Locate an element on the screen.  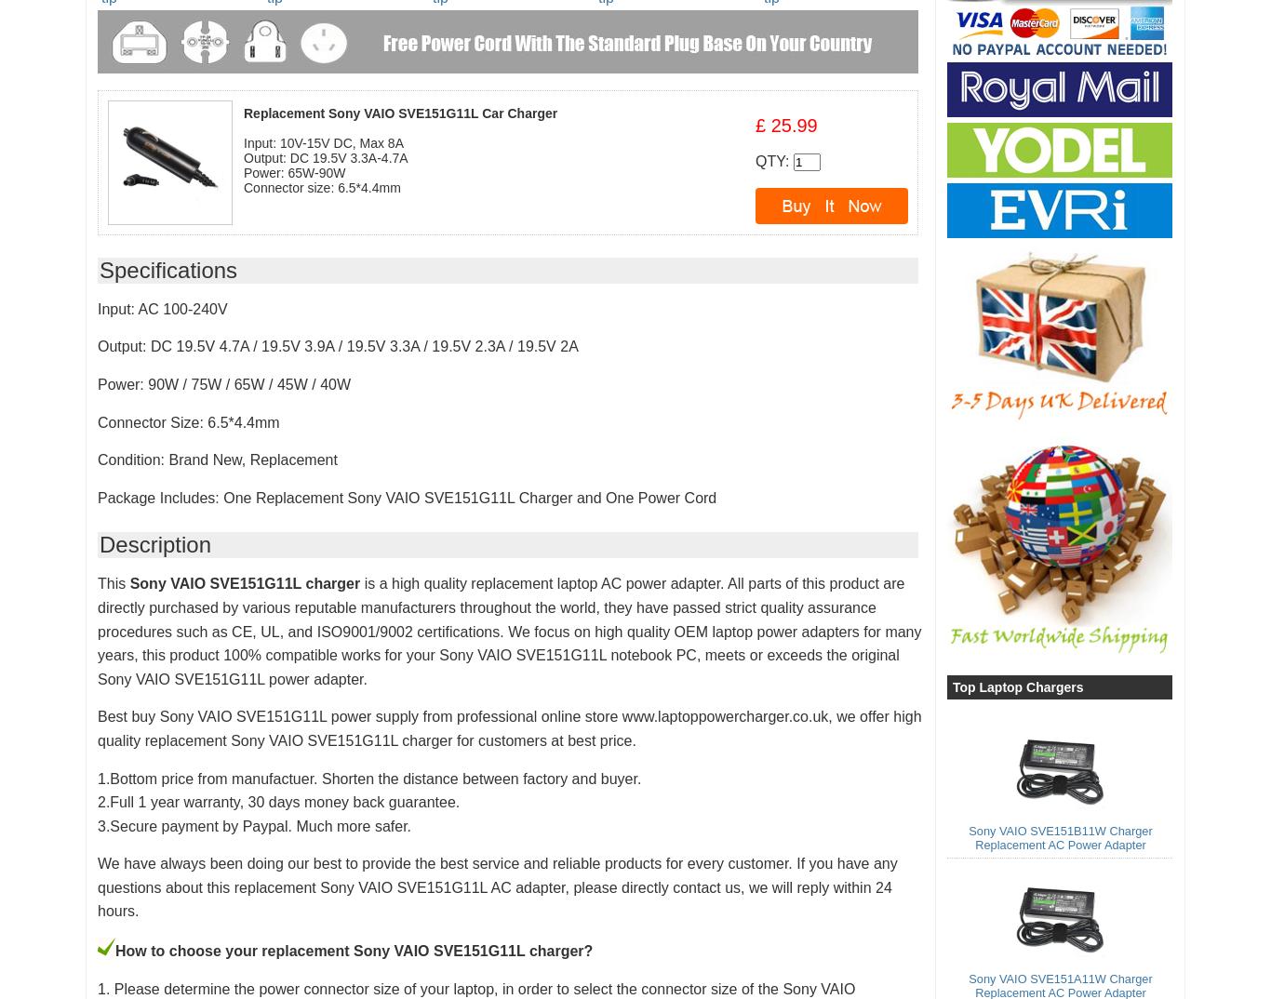
'Sony VAIO SVE151G11L charger' is located at coordinates (244, 583).